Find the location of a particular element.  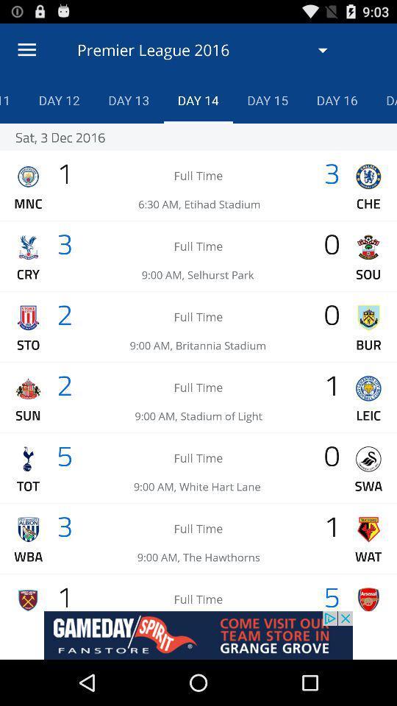

the icon which is below wba is located at coordinates (28, 599).